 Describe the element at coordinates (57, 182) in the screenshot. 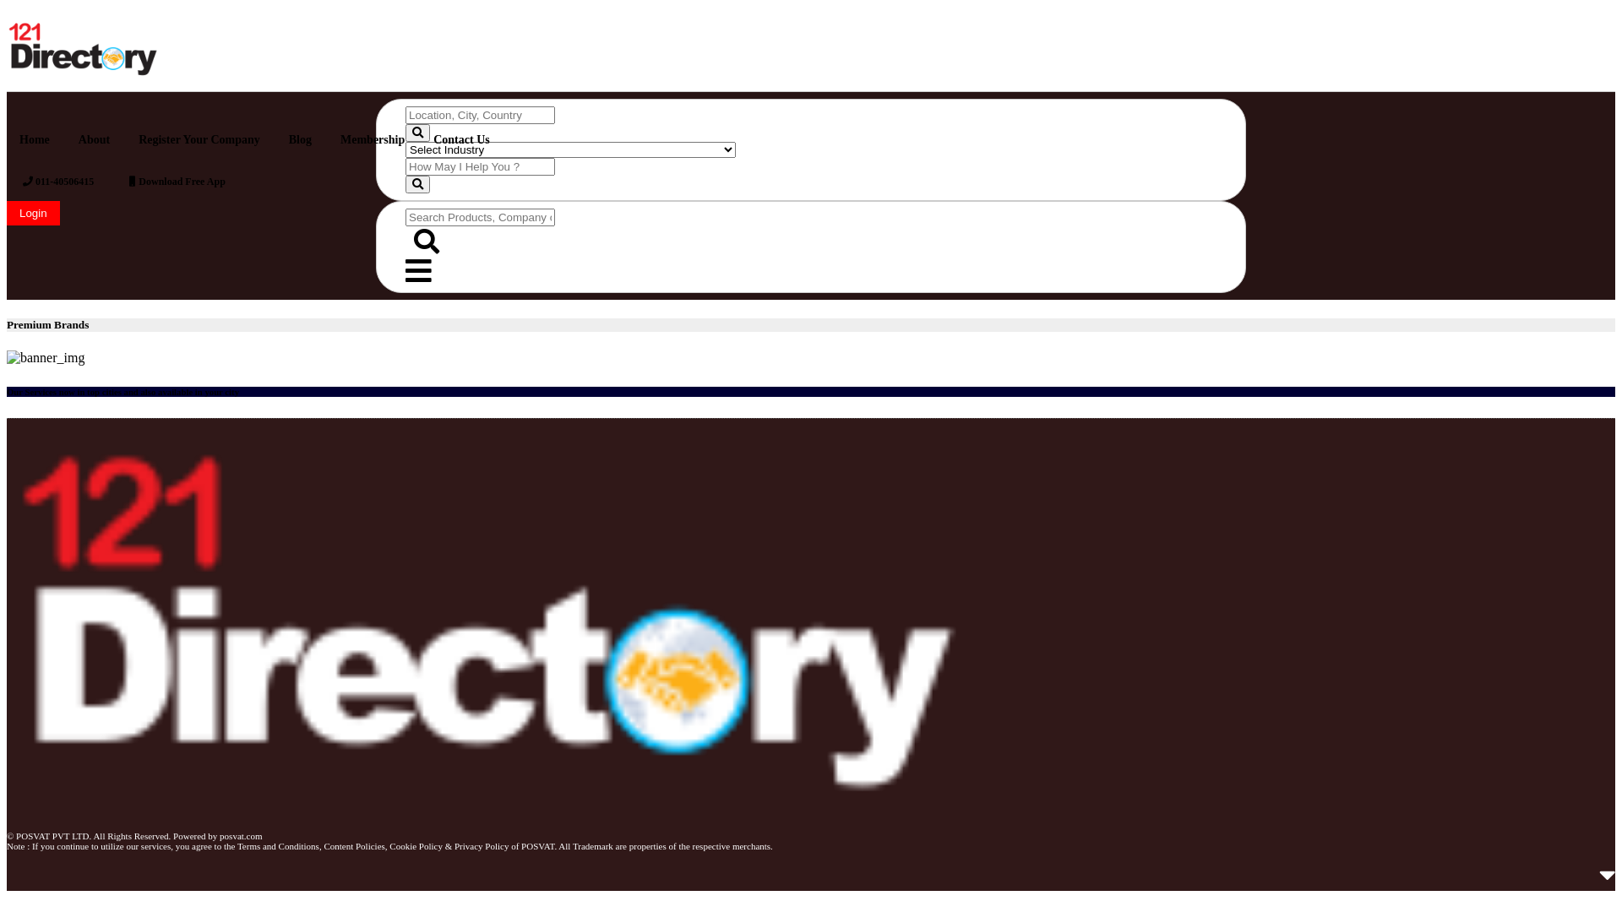

I see `'011-40506415'` at that location.